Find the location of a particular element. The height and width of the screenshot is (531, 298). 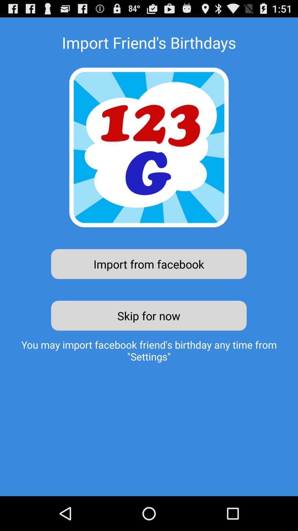

the item above the you may import item is located at coordinates (148, 316).